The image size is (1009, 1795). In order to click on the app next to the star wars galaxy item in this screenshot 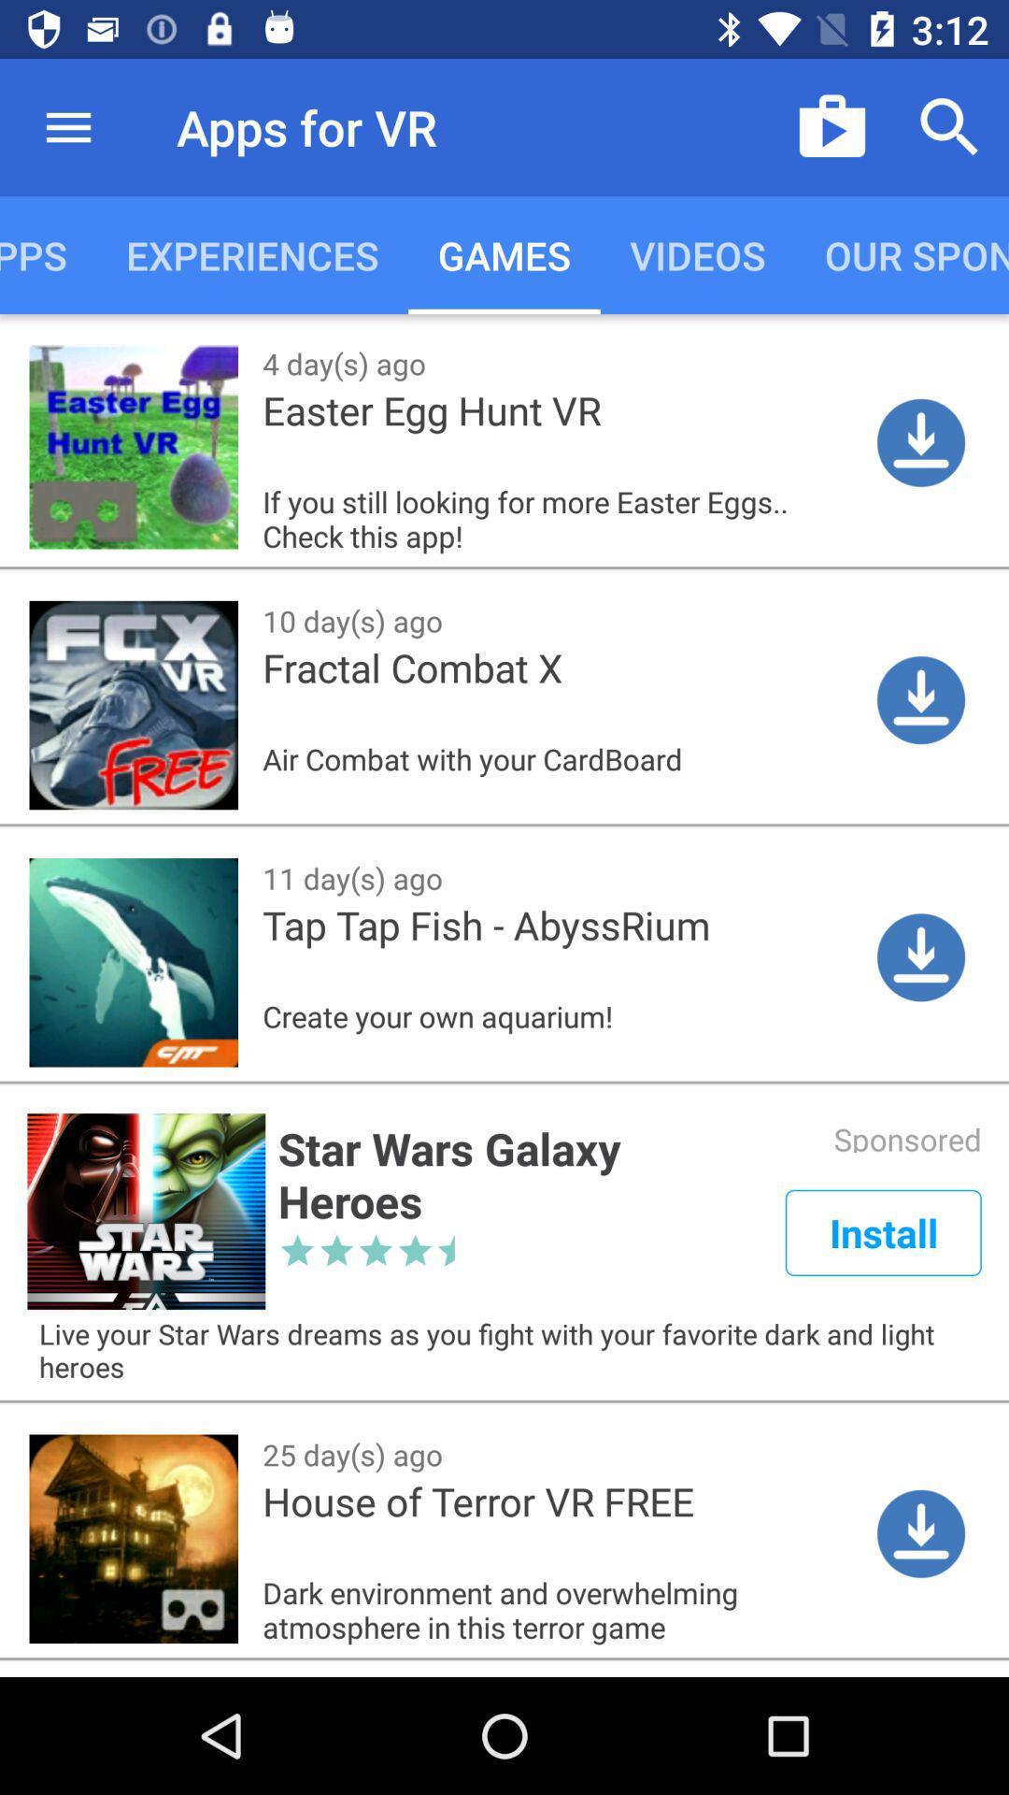, I will do `click(883, 1232)`.